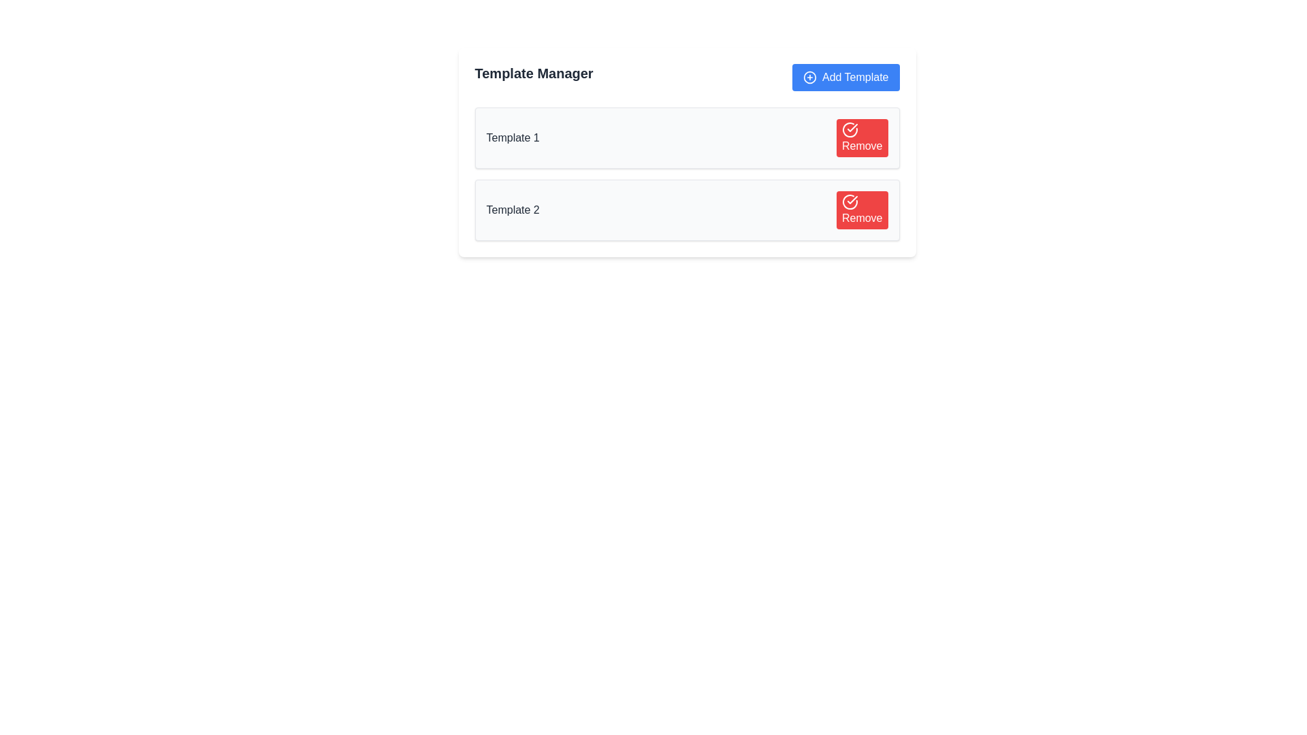 The image size is (1307, 735). I want to click on the checkmark icon located within the red 'Remove' button next to the 'Template 1' entry, so click(852, 199).